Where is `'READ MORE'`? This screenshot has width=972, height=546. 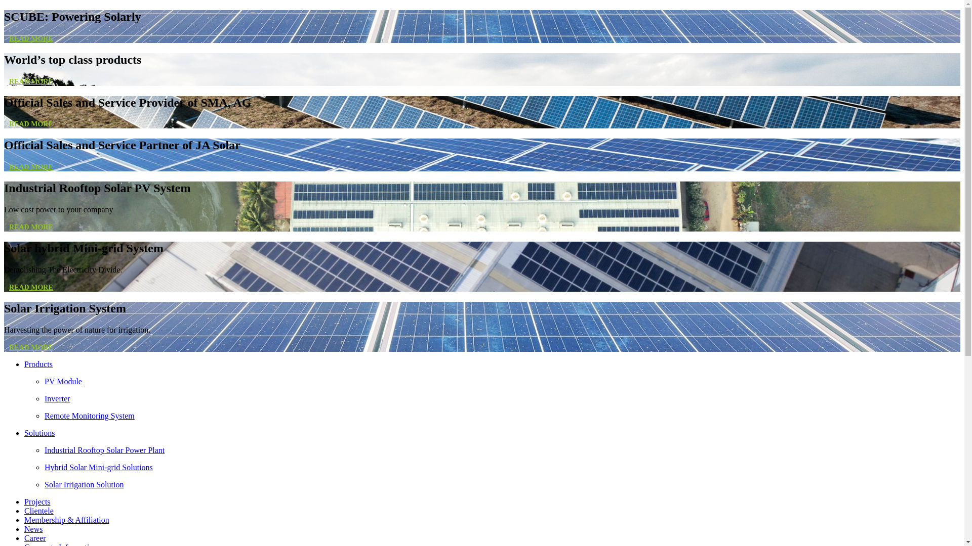
'READ MORE' is located at coordinates (31, 123).